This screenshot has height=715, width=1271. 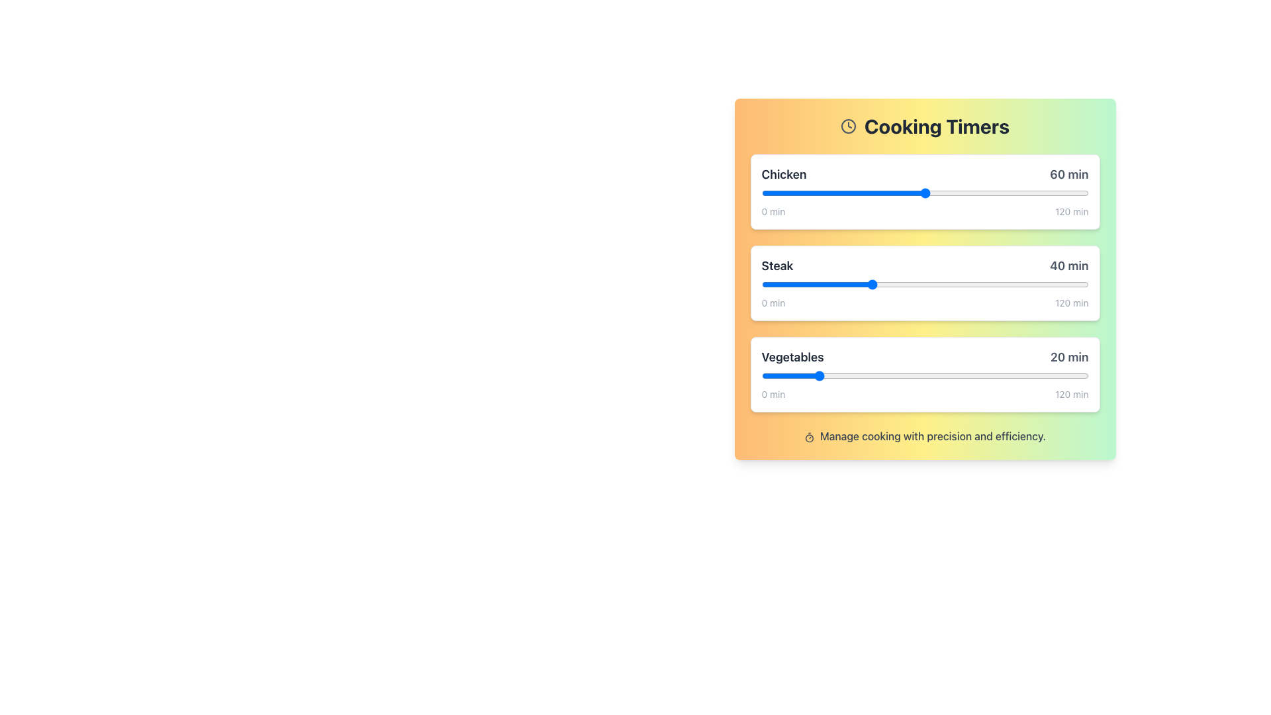 I want to click on the slider to set the timer value associated with the label 'Chicken', which is currently displayed as '60 min', so click(x=924, y=193).